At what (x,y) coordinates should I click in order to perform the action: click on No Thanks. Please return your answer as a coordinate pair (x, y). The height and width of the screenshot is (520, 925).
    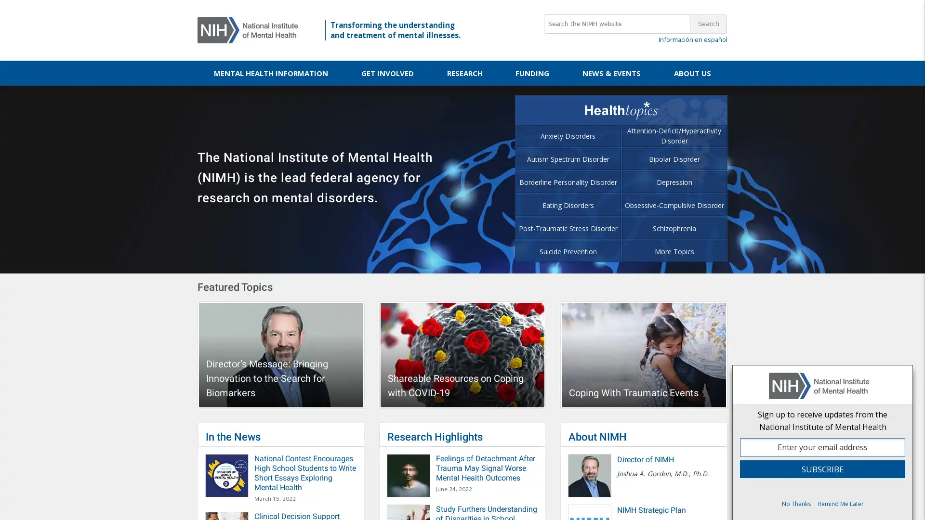
    Looking at the image, I should click on (795, 503).